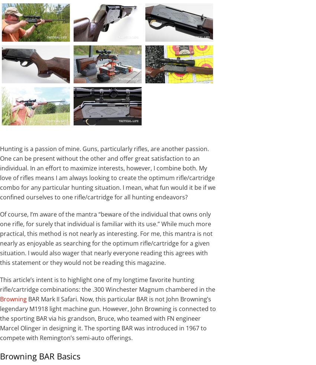  Describe the element at coordinates (154, 33) in the screenshot. I see `'The Mark II Safari variant comes with an engraved steel receiver.'` at that location.